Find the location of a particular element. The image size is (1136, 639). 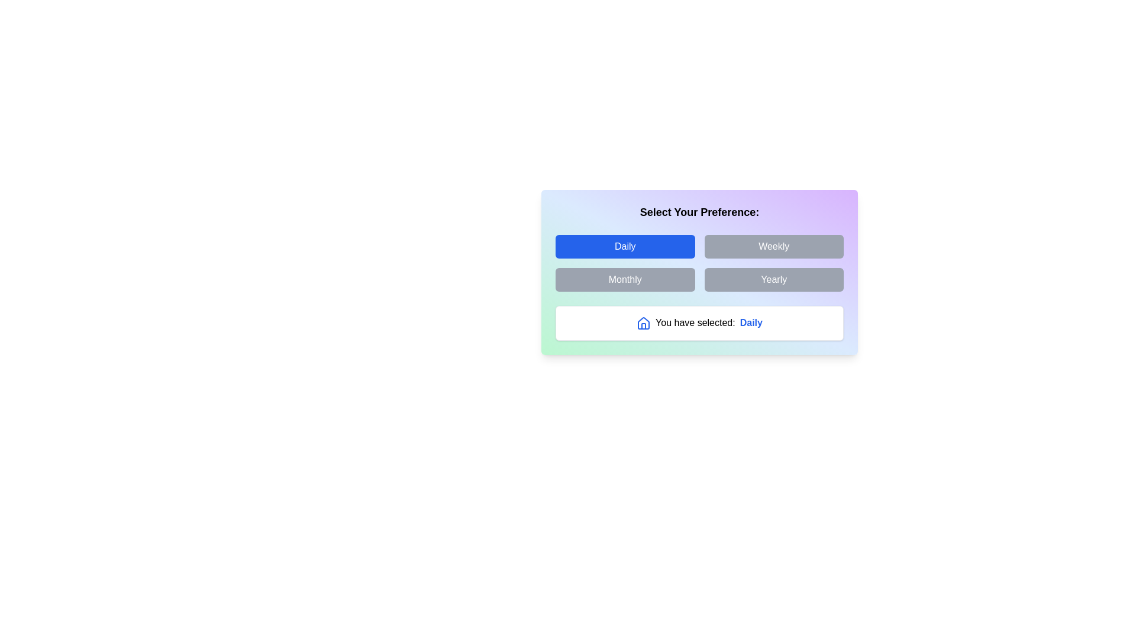

the 'Daily' button in the interactive grid of time-based preferences is located at coordinates (699, 262).